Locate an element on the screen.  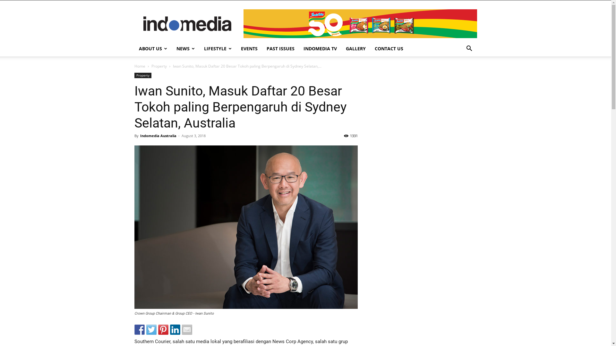
'CONTACT US' is located at coordinates (389, 48).